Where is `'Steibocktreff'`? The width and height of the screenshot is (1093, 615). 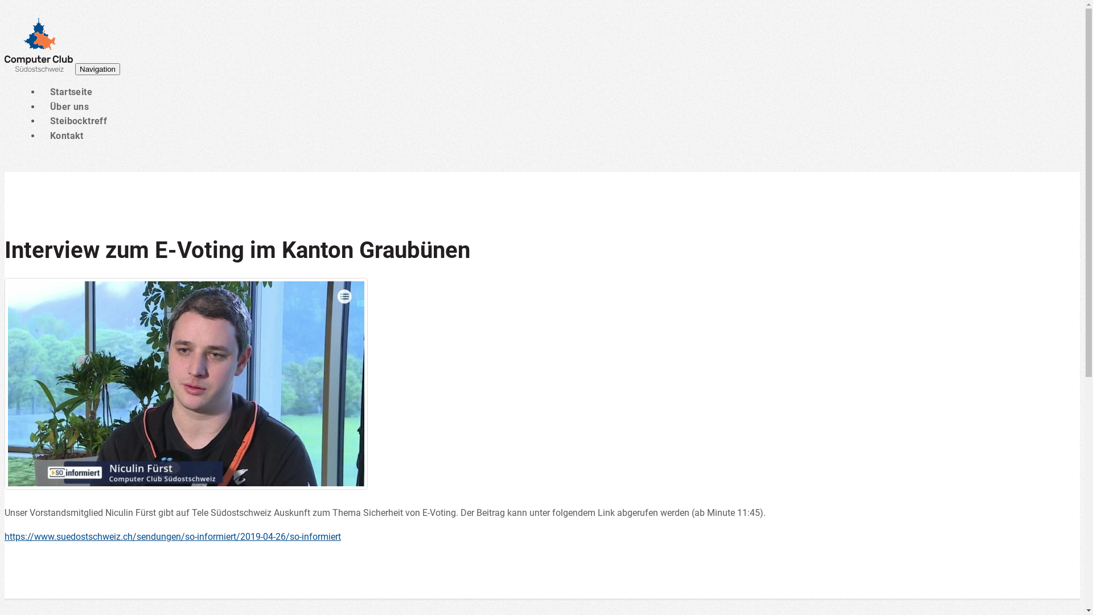 'Steibocktreff' is located at coordinates (78, 121).